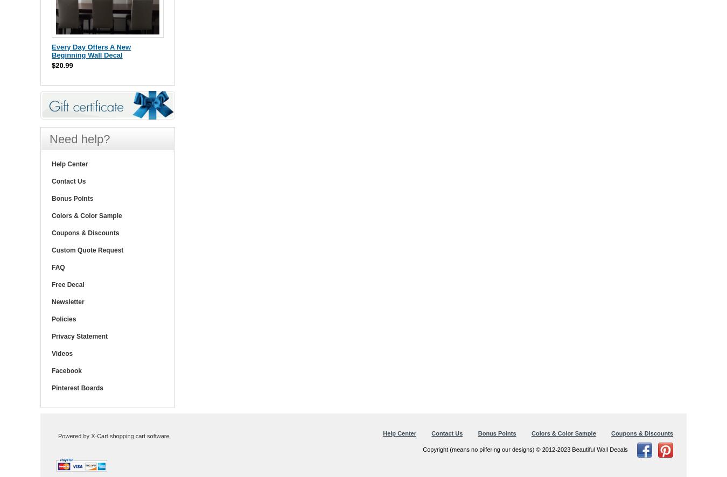 Image resolution: width=727 pixels, height=477 pixels. What do you see at coordinates (87, 249) in the screenshot?
I see `'Custom Quote Request'` at bounding box center [87, 249].